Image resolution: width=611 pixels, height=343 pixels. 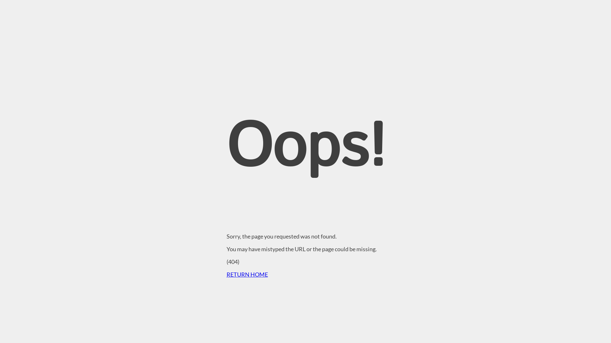 What do you see at coordinates (226, 274) in the screenshot?
I see `'RETURN HOME'` at bounding box center [226, 274].